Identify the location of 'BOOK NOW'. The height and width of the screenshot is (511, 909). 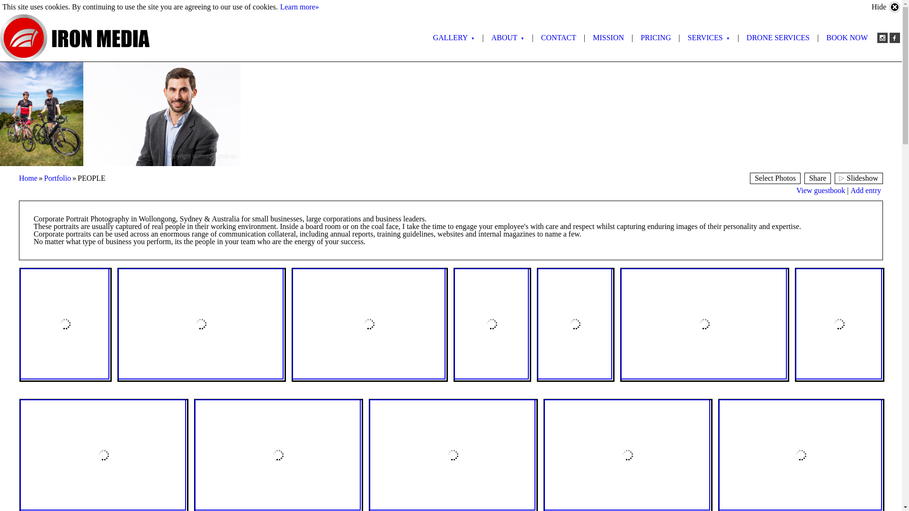
(847, 37).